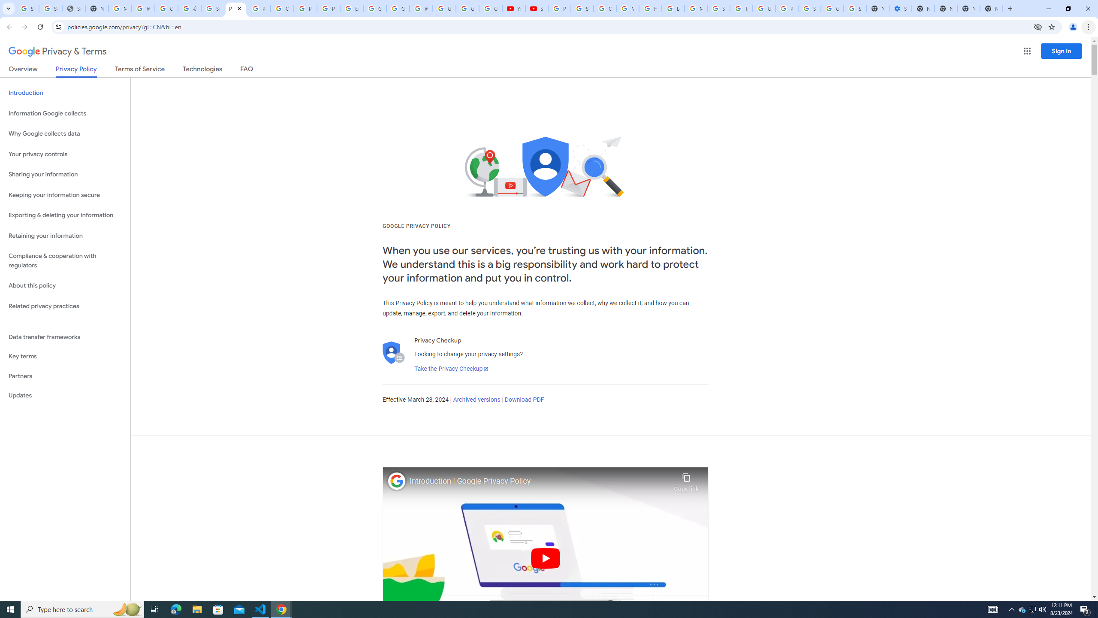 This screenshot has height=618, width=1098. I want to click on 'Search our Doodle Library Collection - Google Doodles', so click(718, 8).